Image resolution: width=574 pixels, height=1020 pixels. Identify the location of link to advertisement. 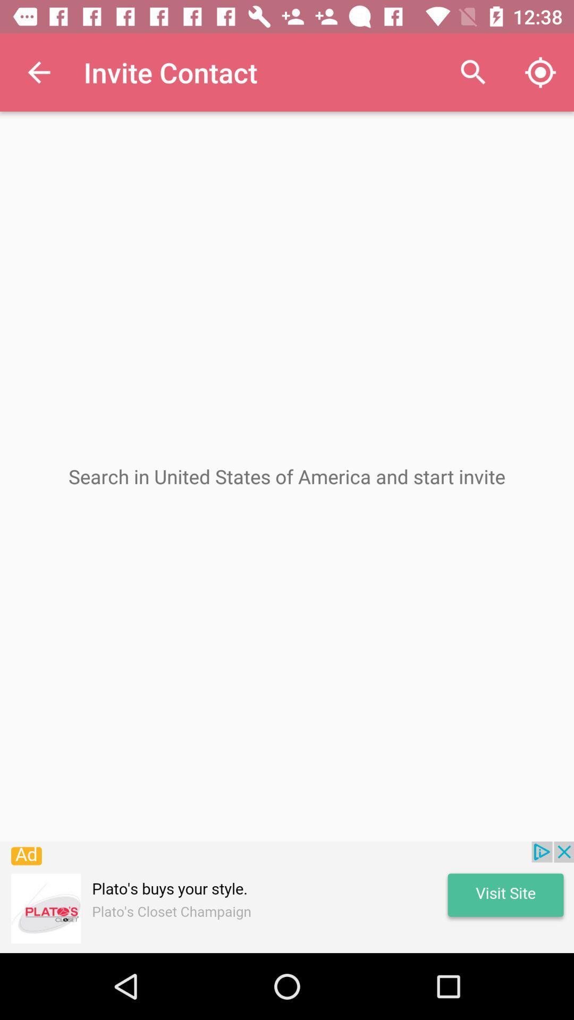
(287, 897).